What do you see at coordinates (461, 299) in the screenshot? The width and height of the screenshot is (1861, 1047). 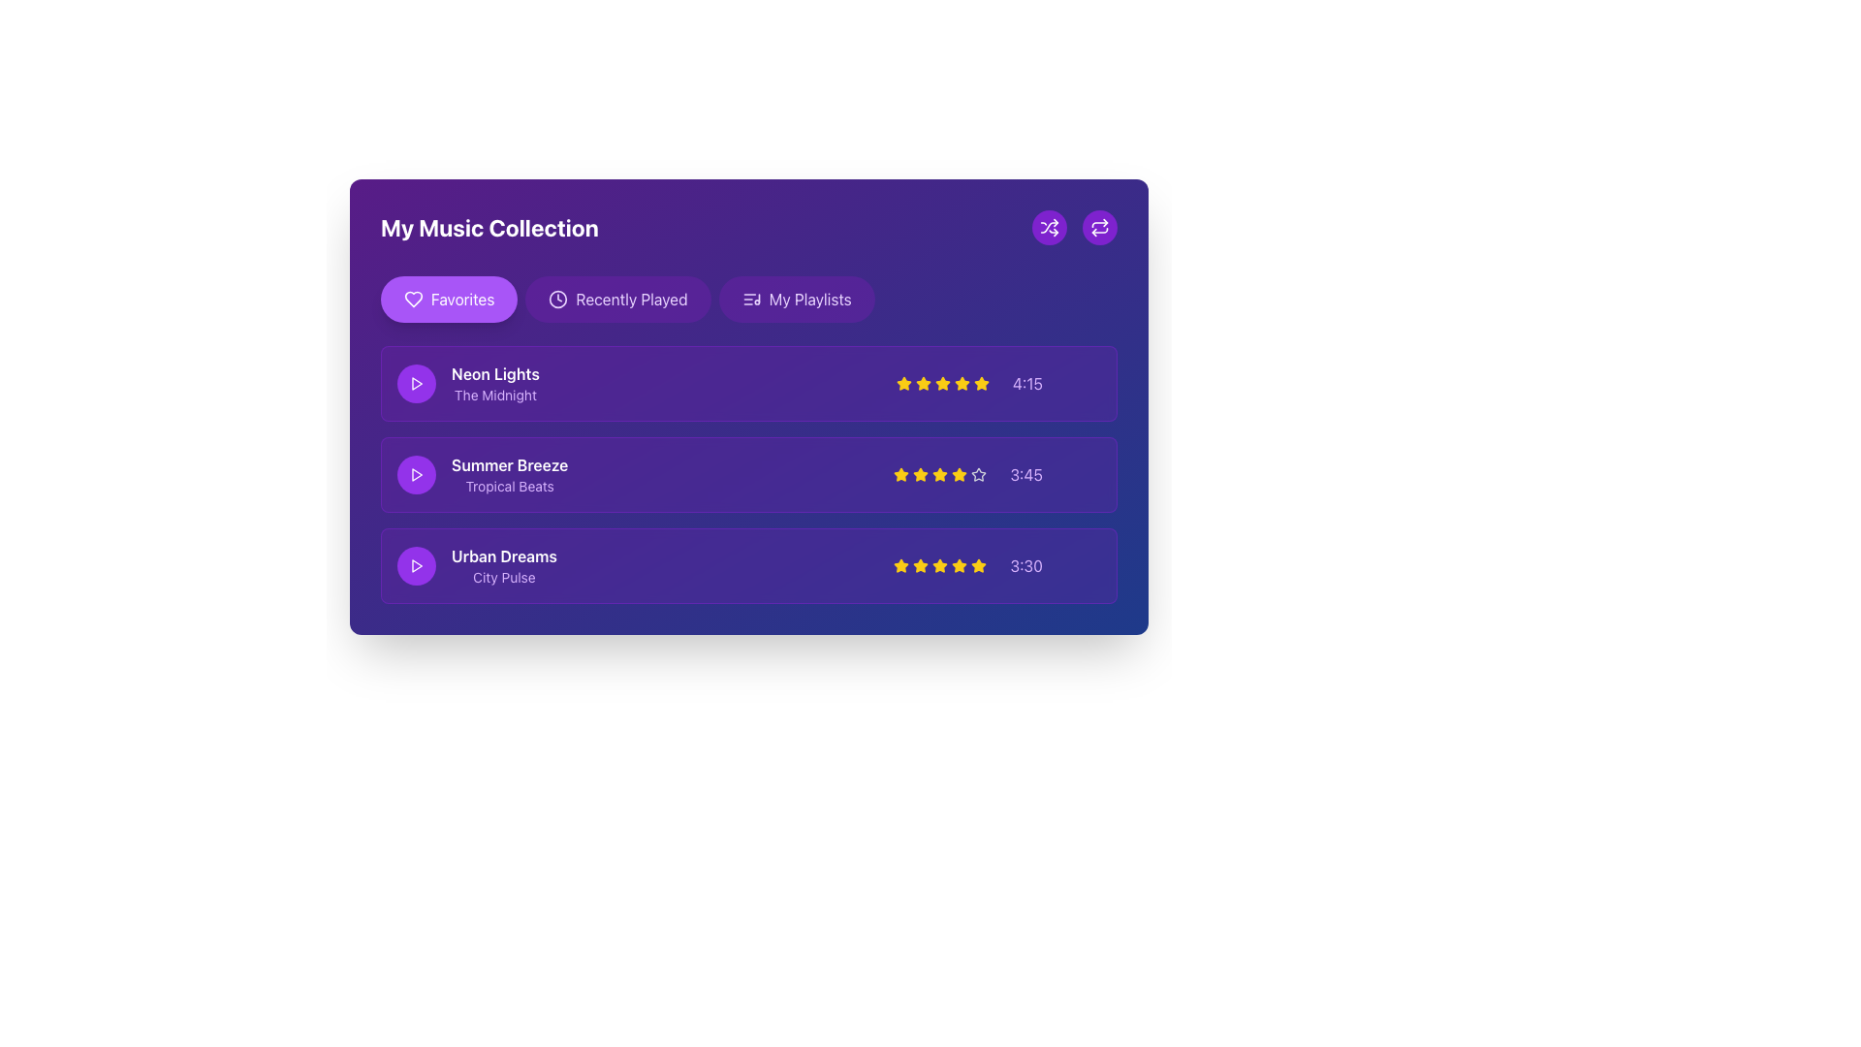 I see `the text label displaying 'Favorites'` at bounding box center [461, 299].